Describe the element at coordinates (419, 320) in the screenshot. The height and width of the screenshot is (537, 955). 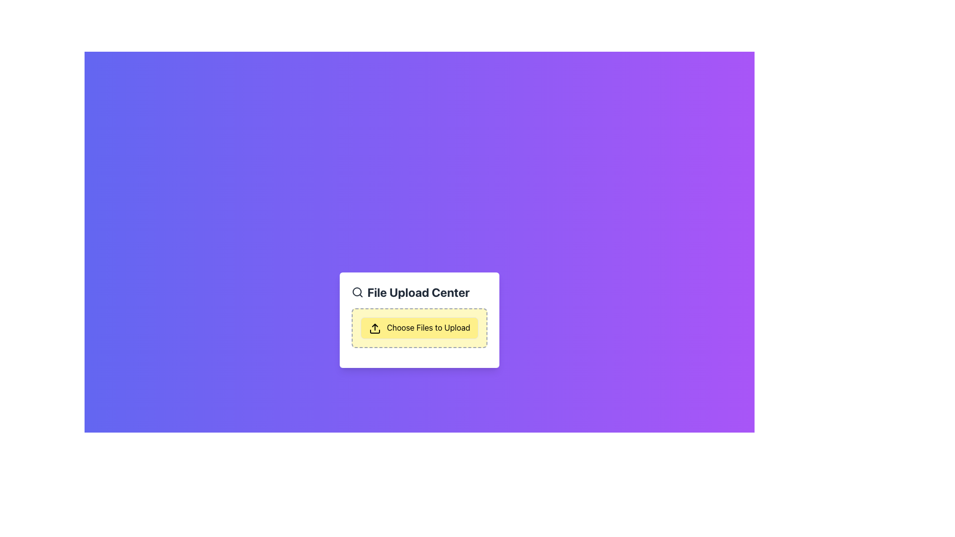
I see `and drop files into the interactive file upload area, which is centered below the 'File Upload Center' text and surrounded by a gradient purple background` at that location.